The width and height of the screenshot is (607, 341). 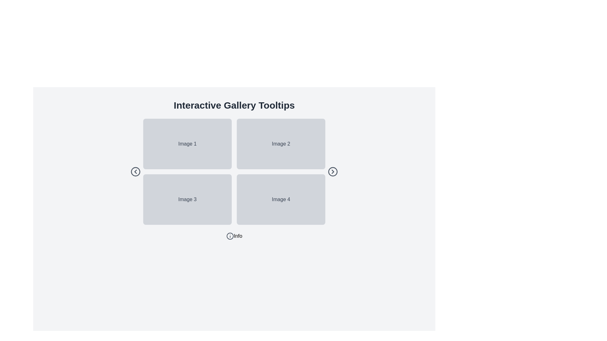 What do you see at coordinates (230, 236) in the screenshot?
I see `the circular SVG graphic that is part of the 'info' icon, located centrally under the main interactive gallery grid` at bounding box center [230, 236].